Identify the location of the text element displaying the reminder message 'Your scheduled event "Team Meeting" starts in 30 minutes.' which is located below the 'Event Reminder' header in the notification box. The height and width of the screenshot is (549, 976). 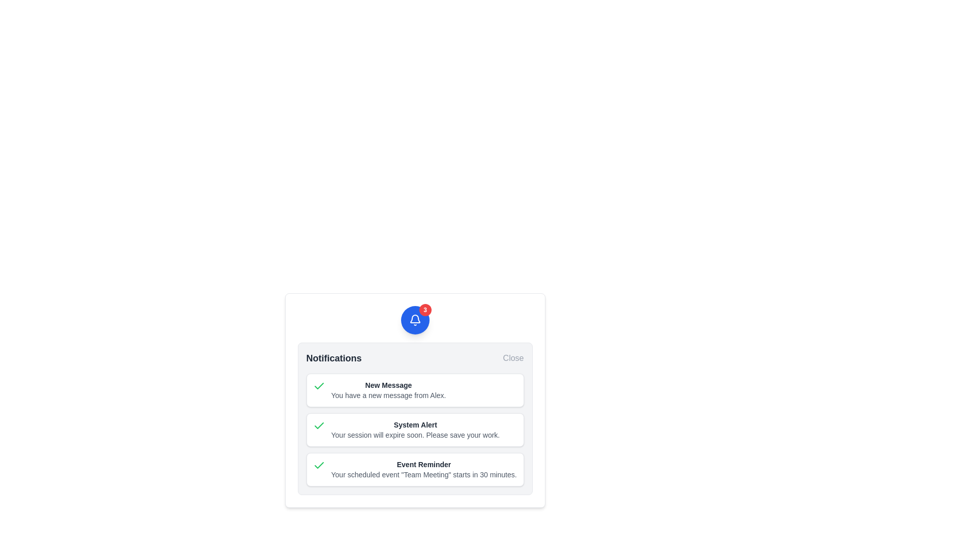
(424, 474).